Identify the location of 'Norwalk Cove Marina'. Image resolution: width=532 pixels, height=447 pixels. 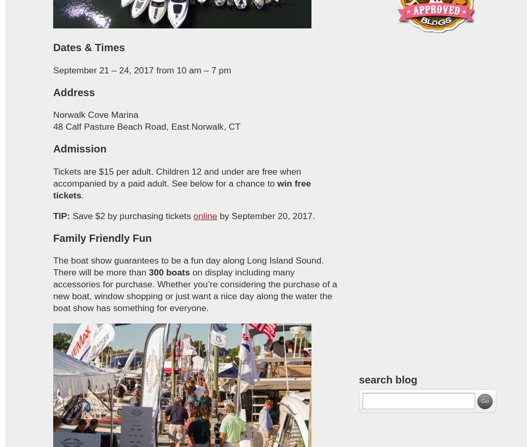
(96, 114).